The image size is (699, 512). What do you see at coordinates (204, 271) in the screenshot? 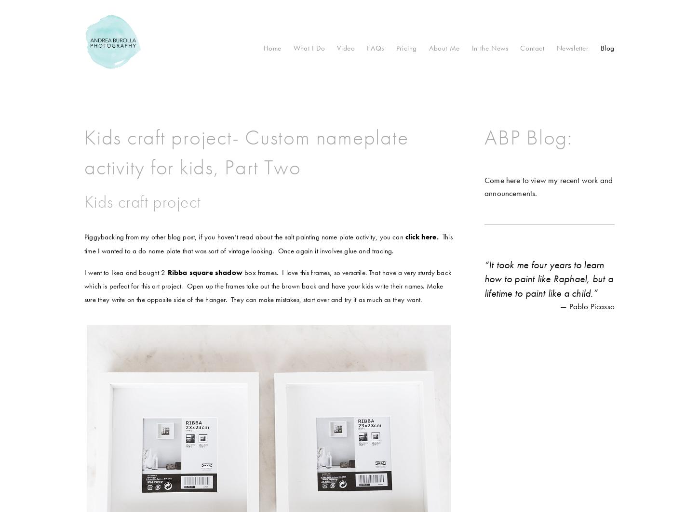
I see `'Ribba square shadow'` at bounding box center [204, 271].